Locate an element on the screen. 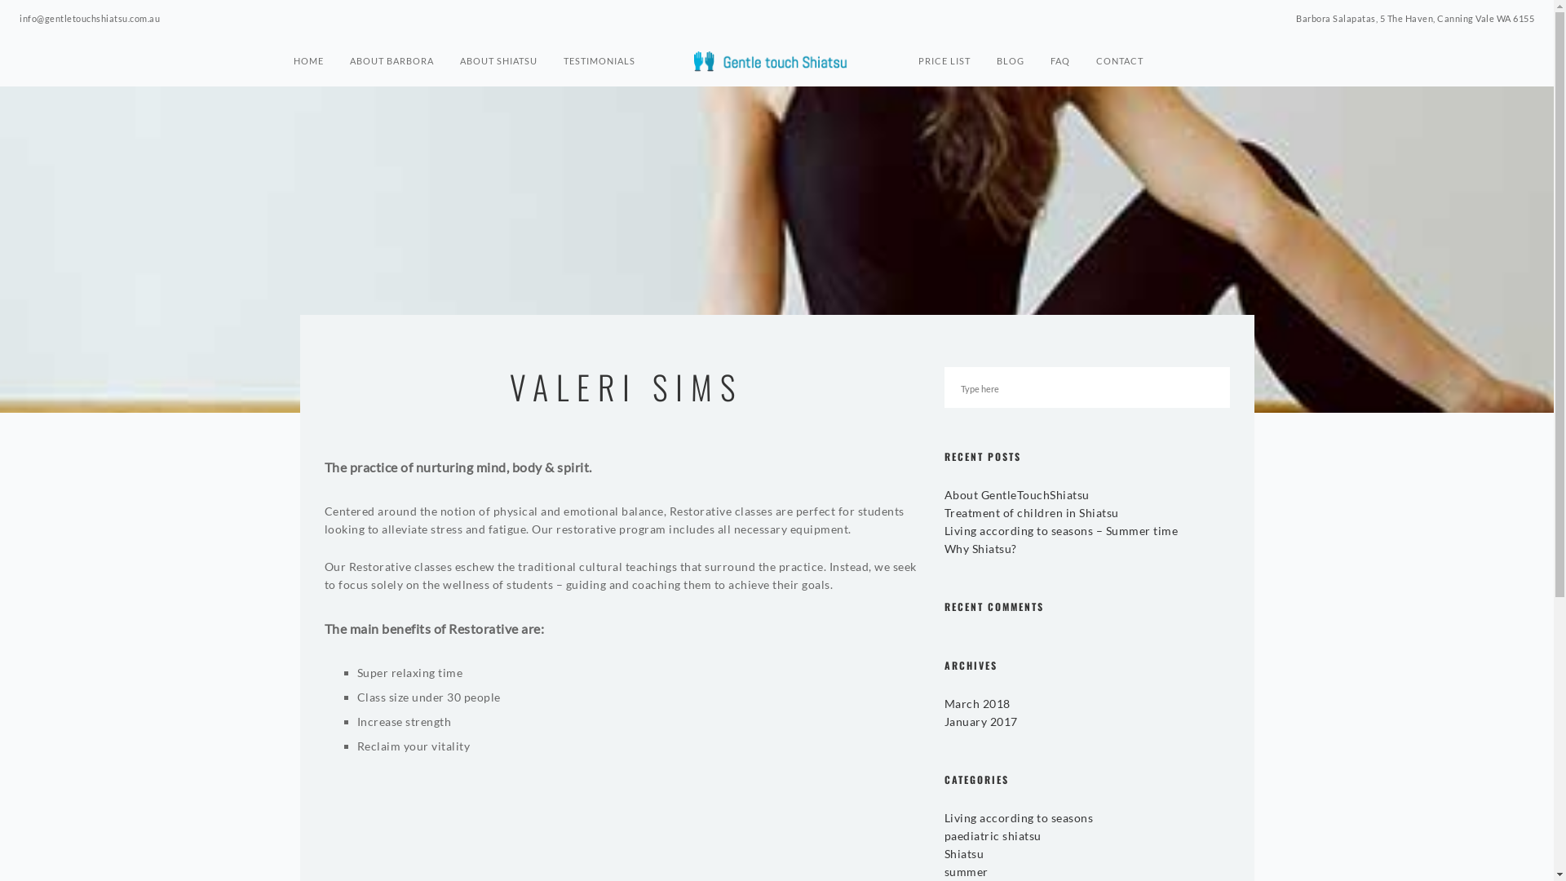  'Shiatsu' is located at coordinates (964, 852).